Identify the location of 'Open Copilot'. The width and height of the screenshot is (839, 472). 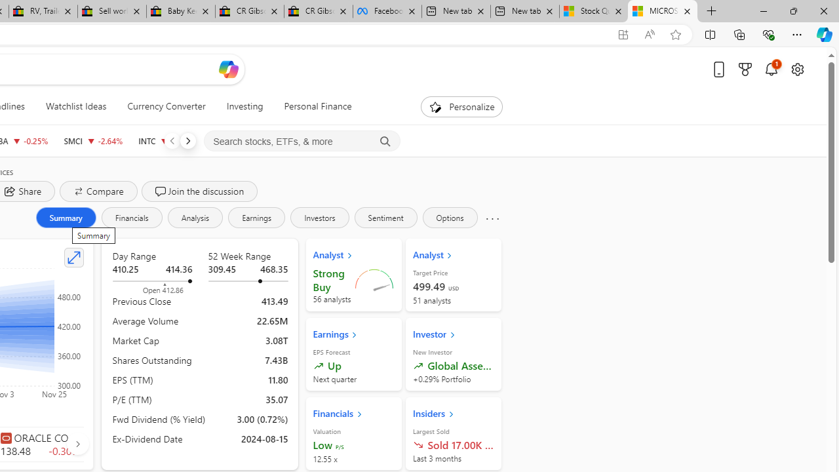
(228, 69).